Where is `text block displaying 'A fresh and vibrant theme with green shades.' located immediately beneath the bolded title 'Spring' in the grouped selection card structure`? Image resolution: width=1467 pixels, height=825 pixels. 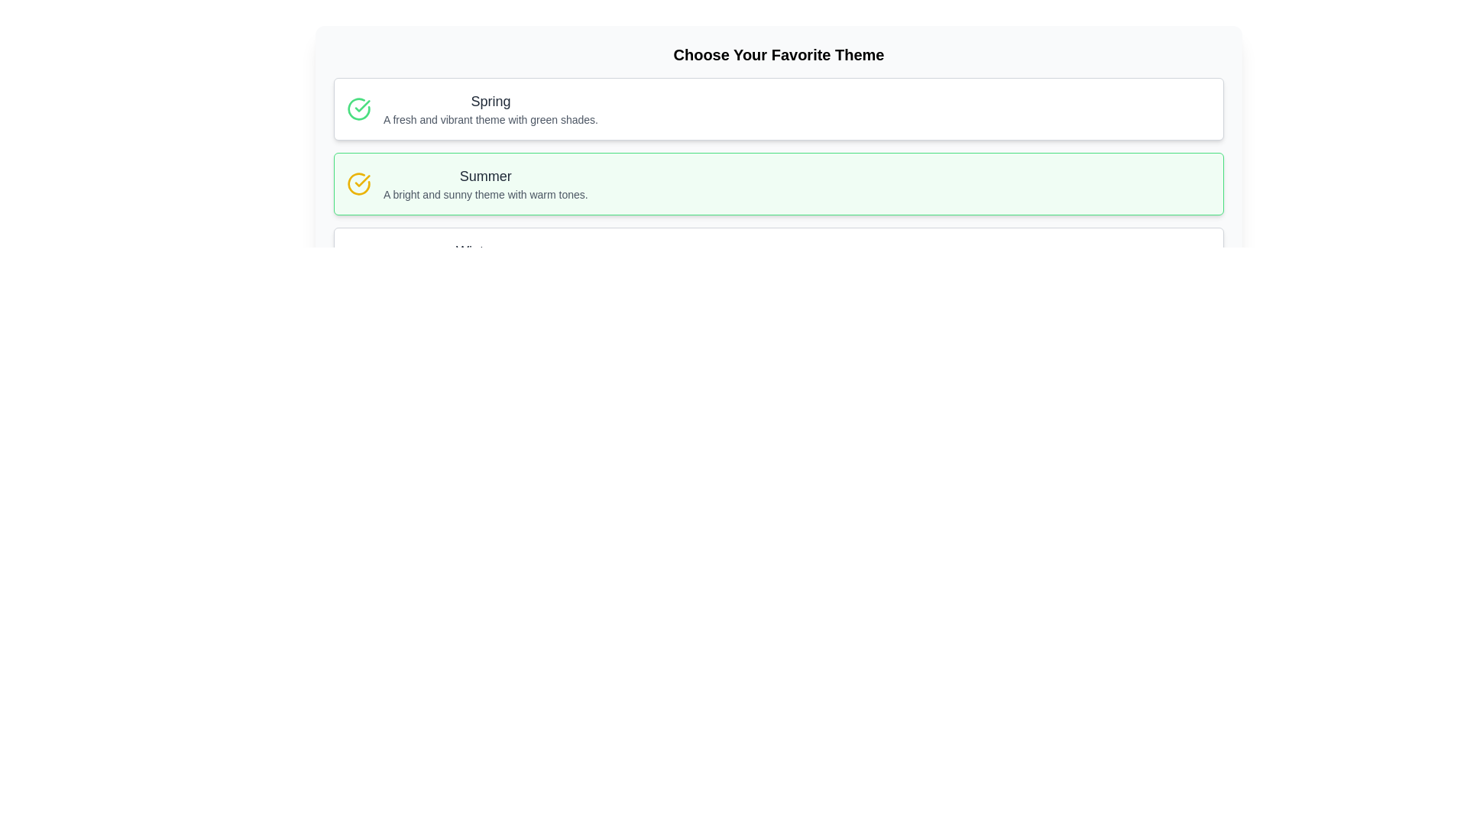
text block displaying 'A fresh and vibrant theme with green shades.' located immediately beneath the bolded title 'Spring' in the grouped selection card structure is located at coordinates (491, 119).